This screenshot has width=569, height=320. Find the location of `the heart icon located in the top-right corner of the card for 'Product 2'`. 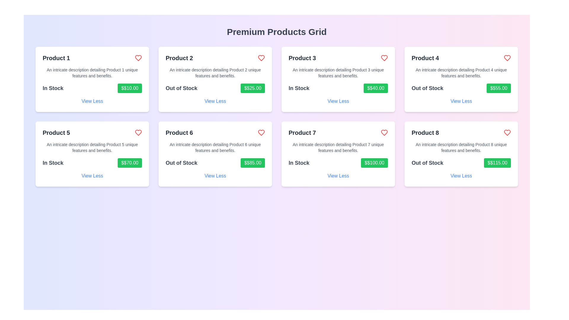

the heart icon located in the top-right corner of the card for 'Product 2' is located at coordinates (261, 58).